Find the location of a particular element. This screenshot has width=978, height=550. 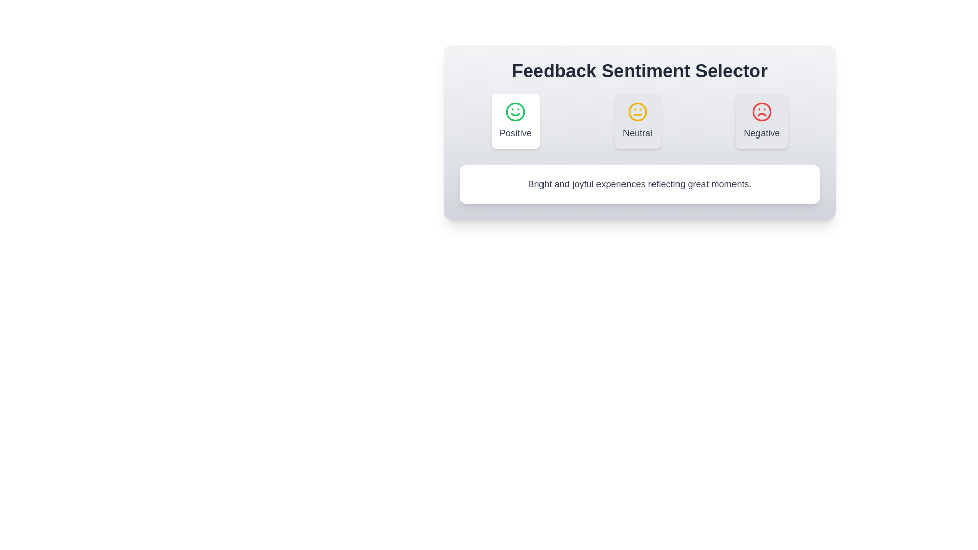

the Neutral tab to observe visual feedback is located at coordinates (637, 121).